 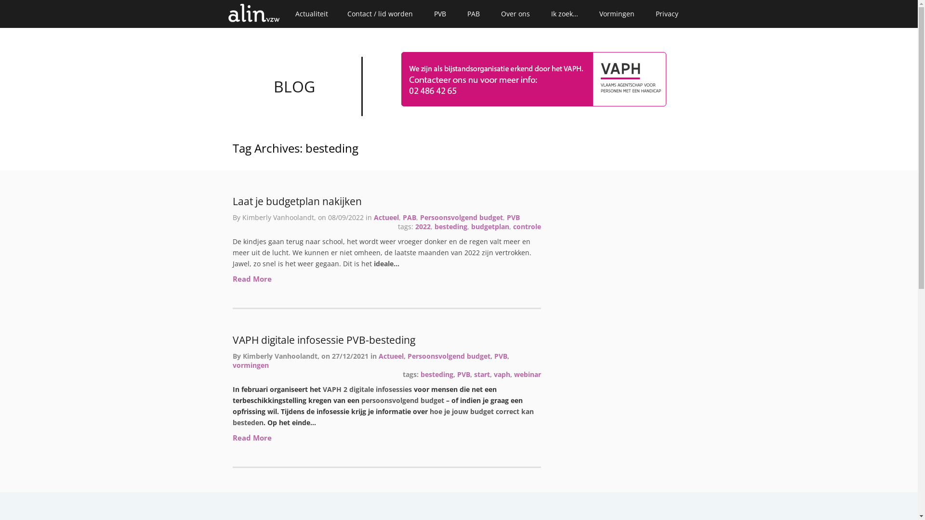 What do you see at coordinates (423, 226) in the screenshot?
I see `'2022'` at bounding box center [423, 226].